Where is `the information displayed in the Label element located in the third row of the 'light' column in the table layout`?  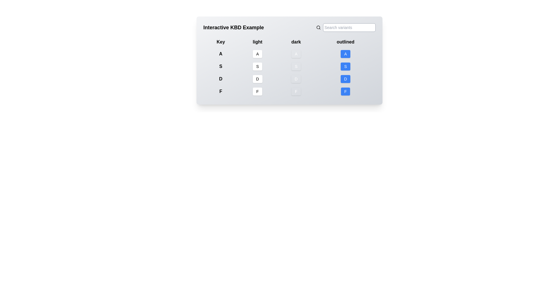 the information displayed in the Label element located in the third row of the 'light' column in the table layout is located at coordinates (257, 79).